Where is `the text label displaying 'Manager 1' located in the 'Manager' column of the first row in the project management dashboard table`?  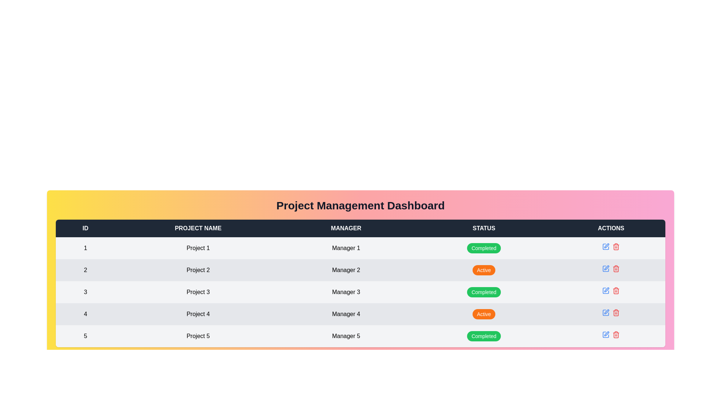 the text label displaying 'Manager 1' located in the 'Manager' column of the first row in the project management dashboard table is located at coordinates (346, 248).